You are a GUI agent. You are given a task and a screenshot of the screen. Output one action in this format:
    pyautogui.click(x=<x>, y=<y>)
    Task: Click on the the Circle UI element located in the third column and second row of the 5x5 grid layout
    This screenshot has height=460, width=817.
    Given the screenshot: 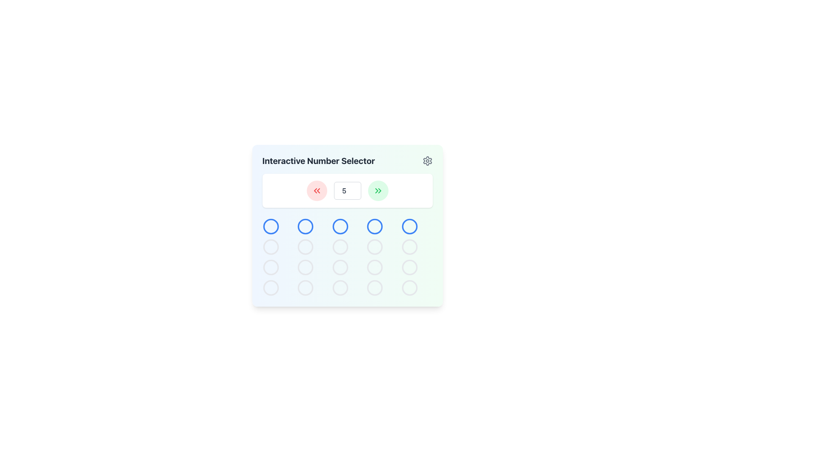 What is the action you would take?
    pyautogui.click(x=340, y=247)
    